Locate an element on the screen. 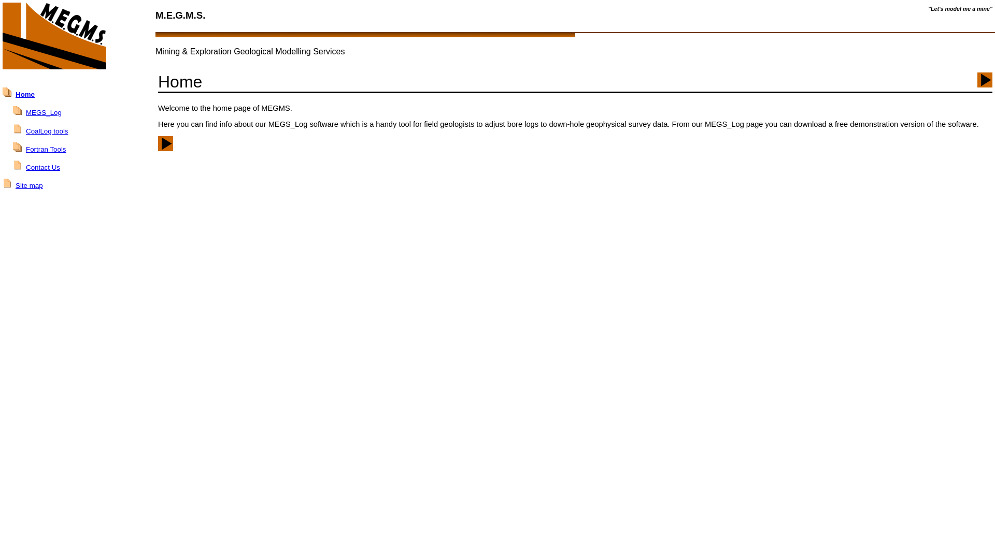 Image resolution: width=995 pixels, height=559 pixels. 'Home' is located at coordinates (25, 94).